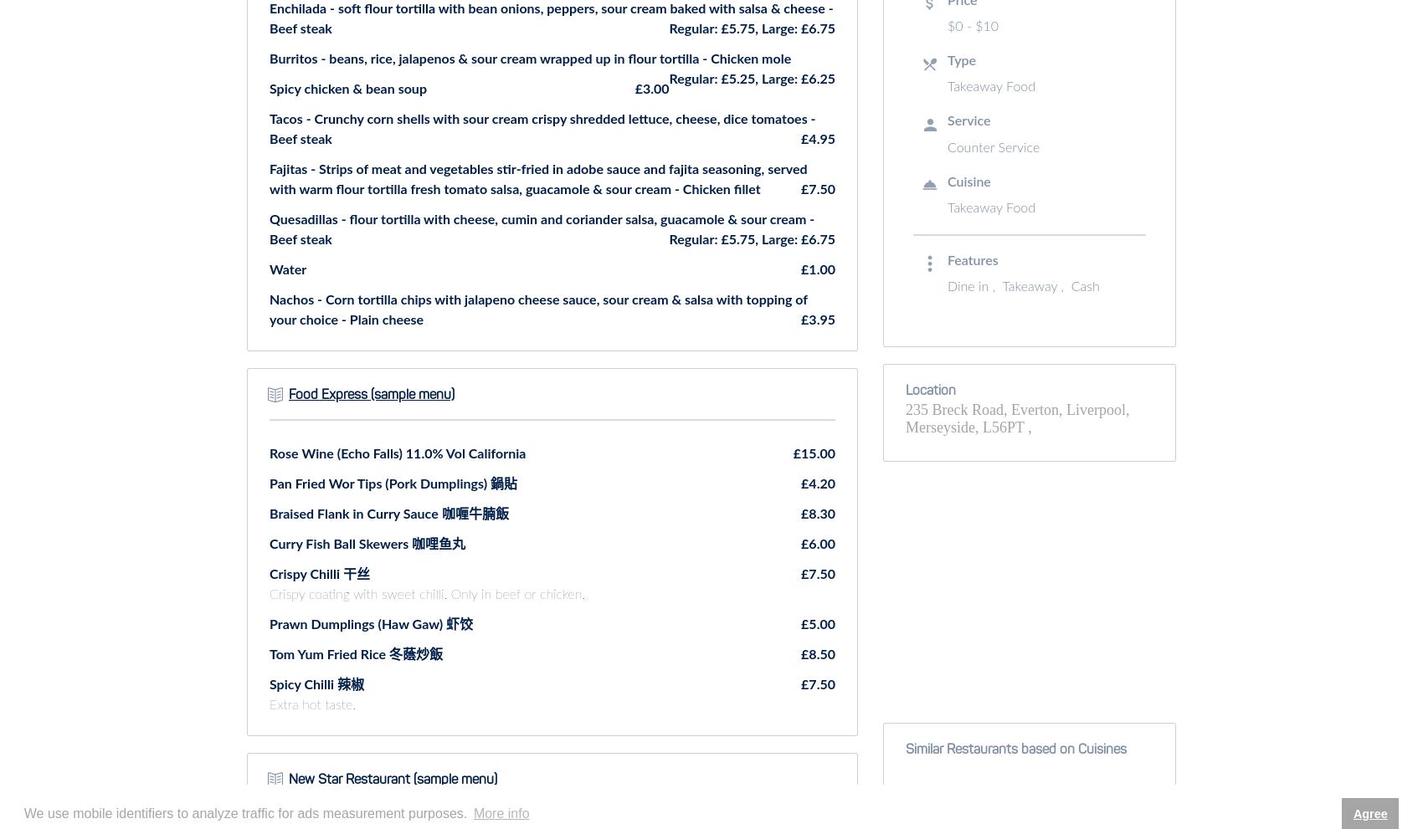 Image resolution: width=1423 pixels, height=829 pixels. What do you see at coordinates (268, 703) in the screenshot?
I see `'Extra hot taste.'` at bounding box center [268, 703].